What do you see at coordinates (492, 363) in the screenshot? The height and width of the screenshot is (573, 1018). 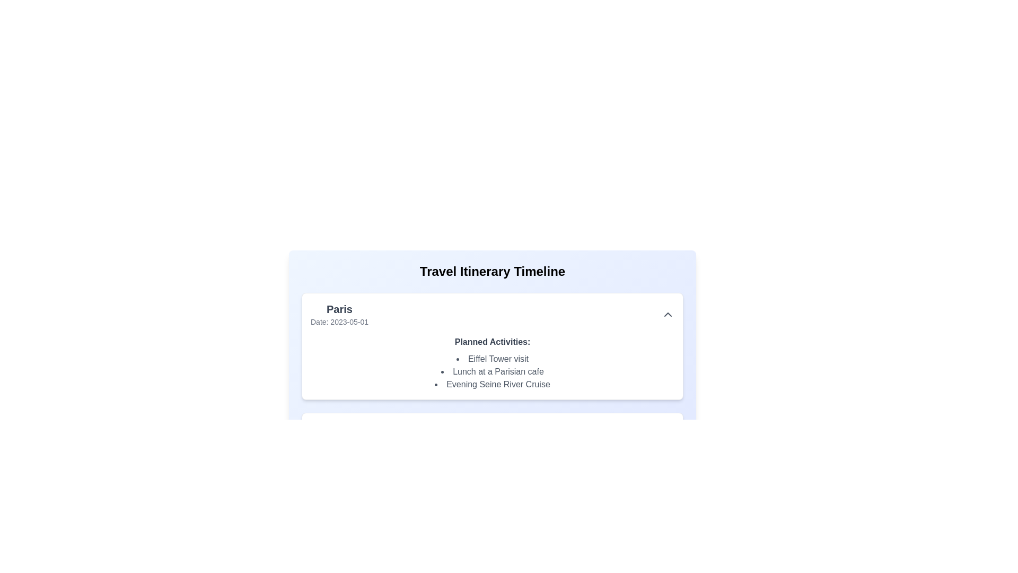 I see `the text content section labeled 'Planned Activities:' to interact with the list items below it, which include activities such as 'Eiffel Tower visit,' 'Lunch at a Parisian cafe,' and 'Evening Seine River Cruise.'` at bounding box center [492, 363].